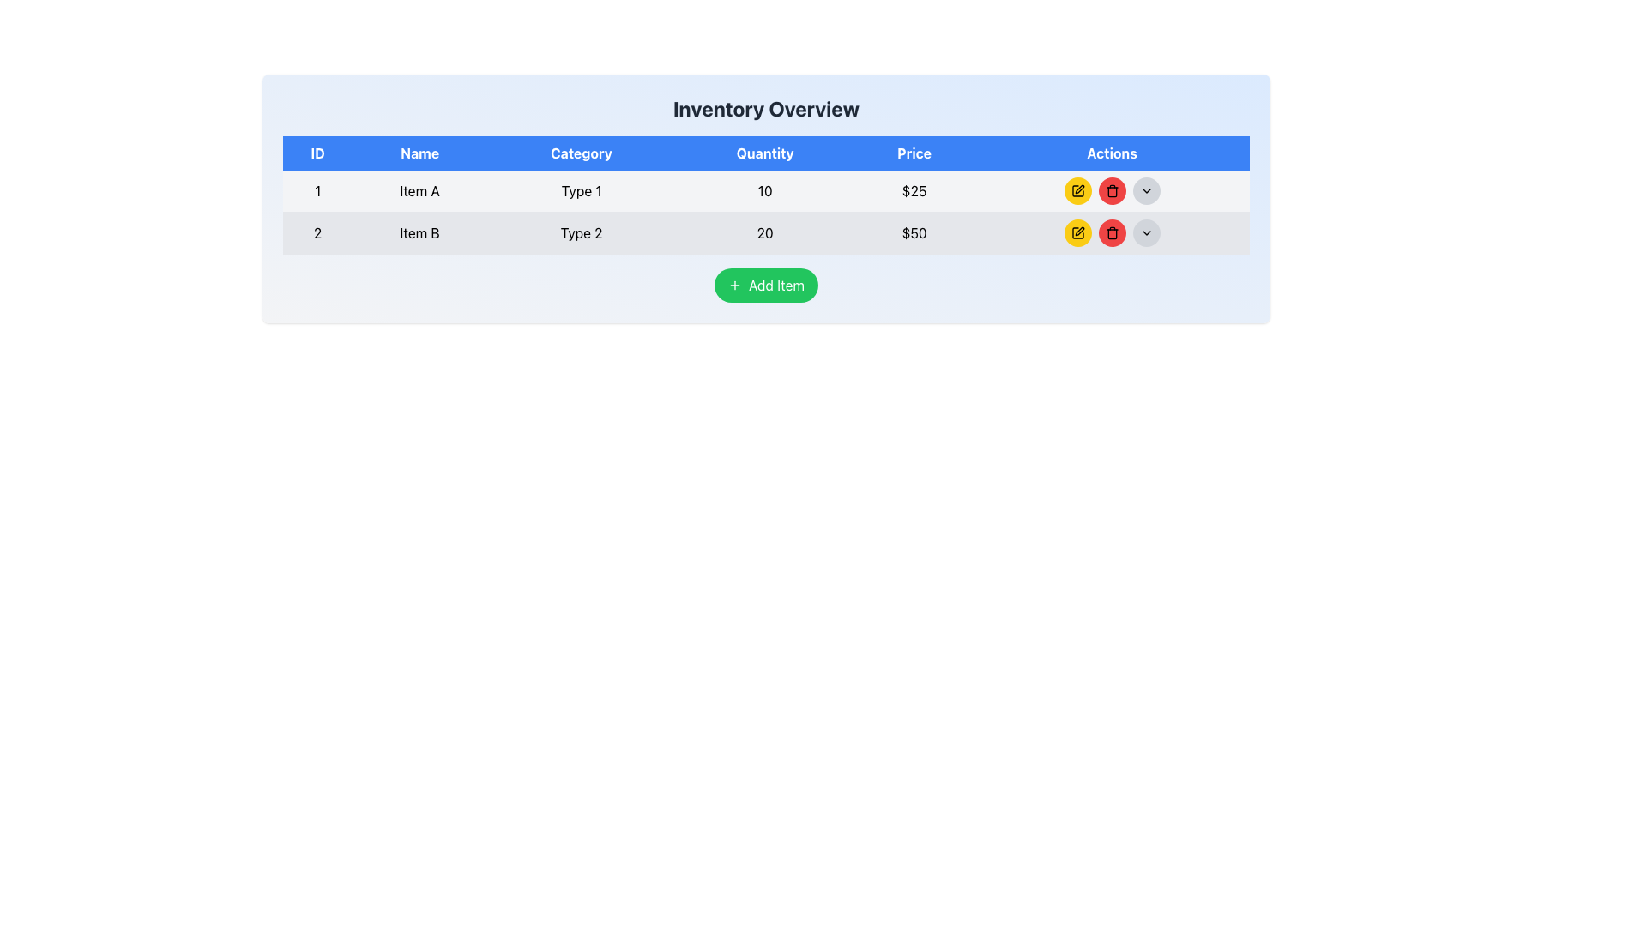  Describe the element at coordinates (1077, 191) in the screenshot. I see `the edit icon, which is a pen over a square located in a circular button with a yellow background in the Actions column of the first row of the table` at that location.